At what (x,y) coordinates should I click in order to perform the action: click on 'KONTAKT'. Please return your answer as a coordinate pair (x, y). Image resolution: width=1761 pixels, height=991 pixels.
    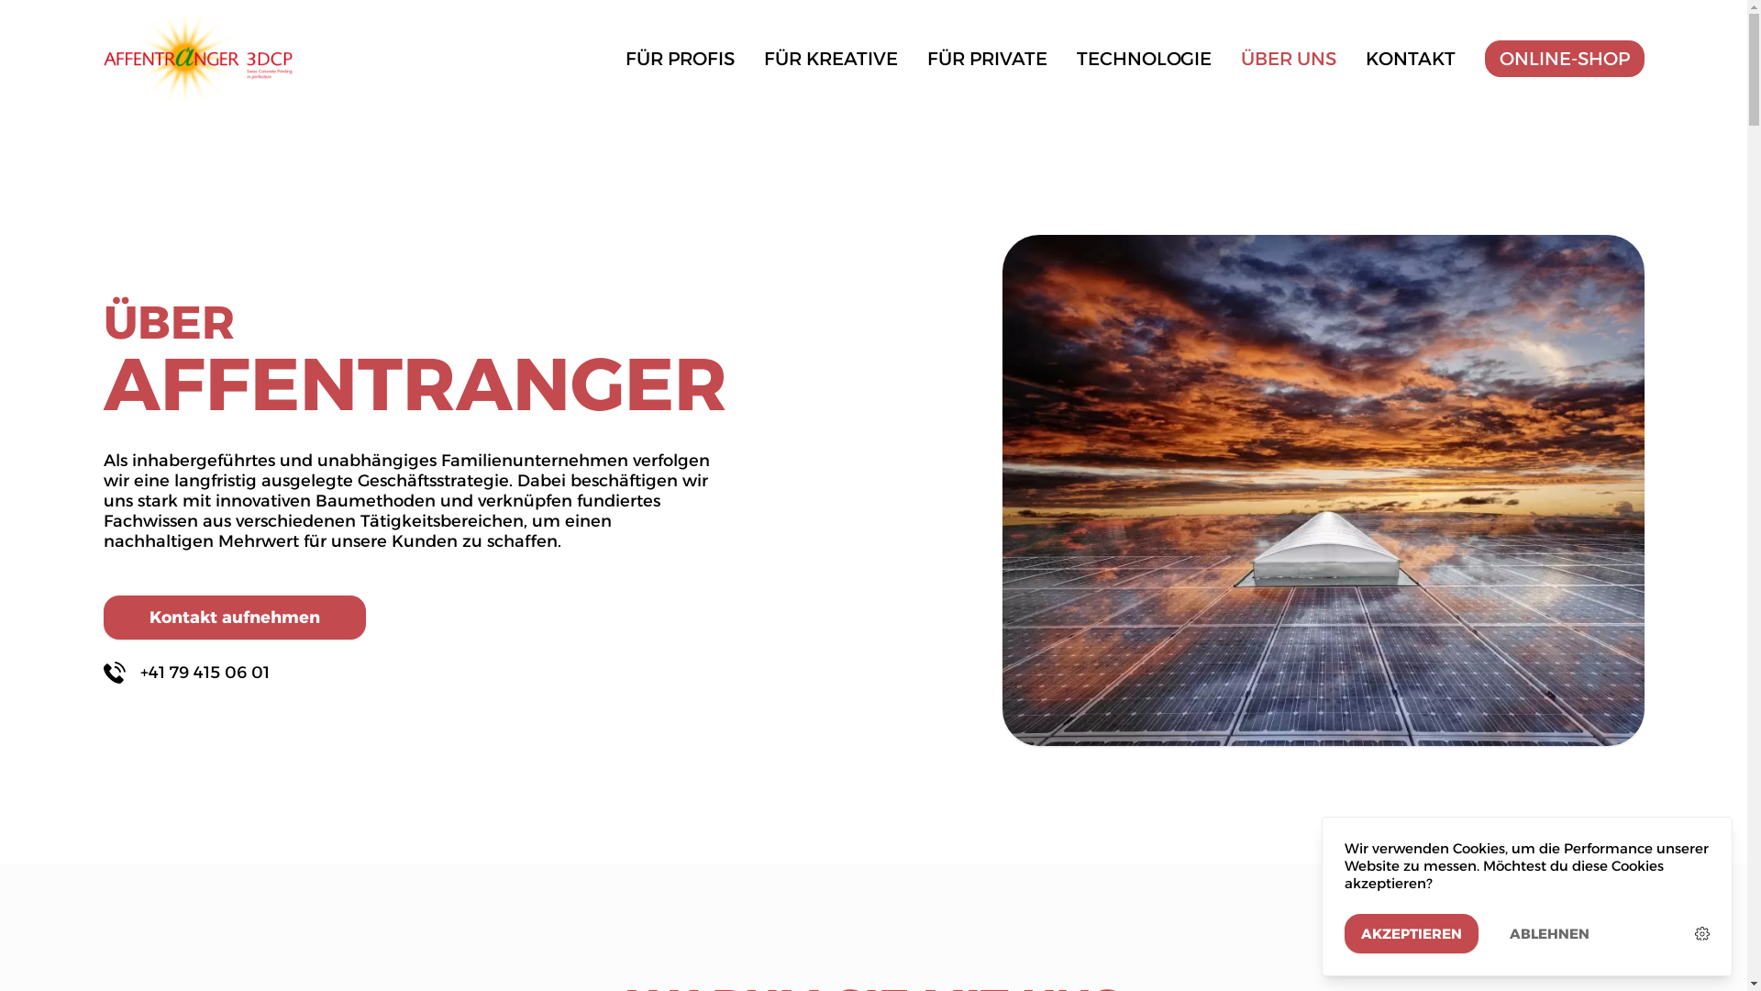
    Looking at the image, I should click on (1408, 58).